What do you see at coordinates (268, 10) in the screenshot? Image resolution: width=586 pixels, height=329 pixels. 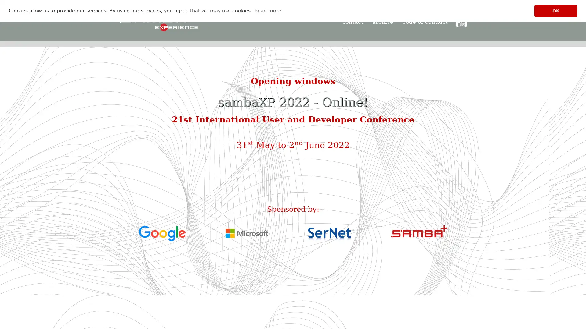 I see `learn more about cookies` at bounding box center [268, 10].